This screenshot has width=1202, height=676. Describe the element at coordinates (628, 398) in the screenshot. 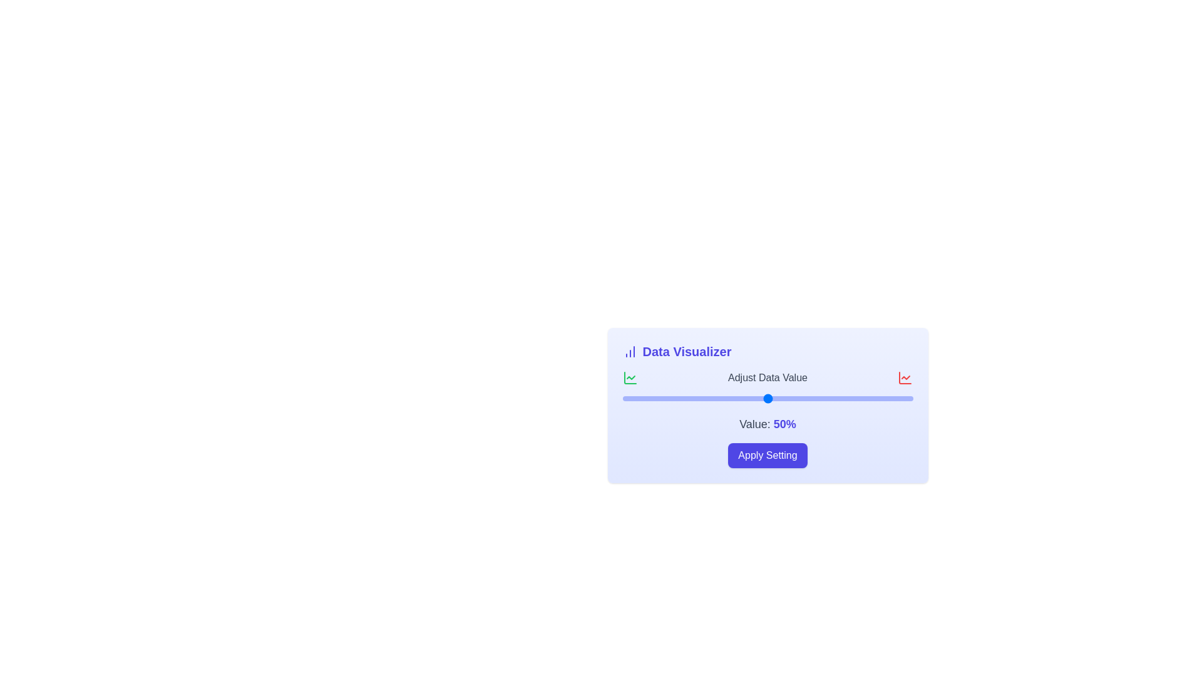

I see `the slider value` at that location.